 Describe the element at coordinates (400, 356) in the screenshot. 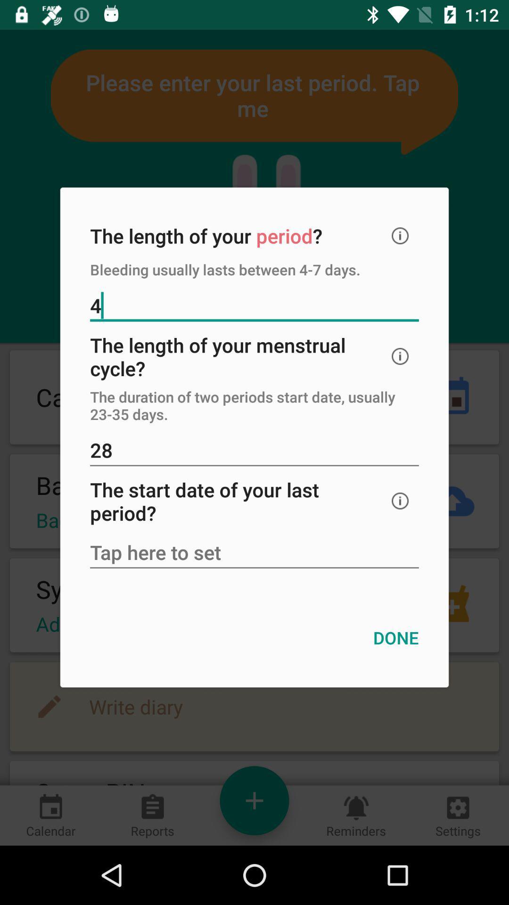

I see `read more information` at that location.